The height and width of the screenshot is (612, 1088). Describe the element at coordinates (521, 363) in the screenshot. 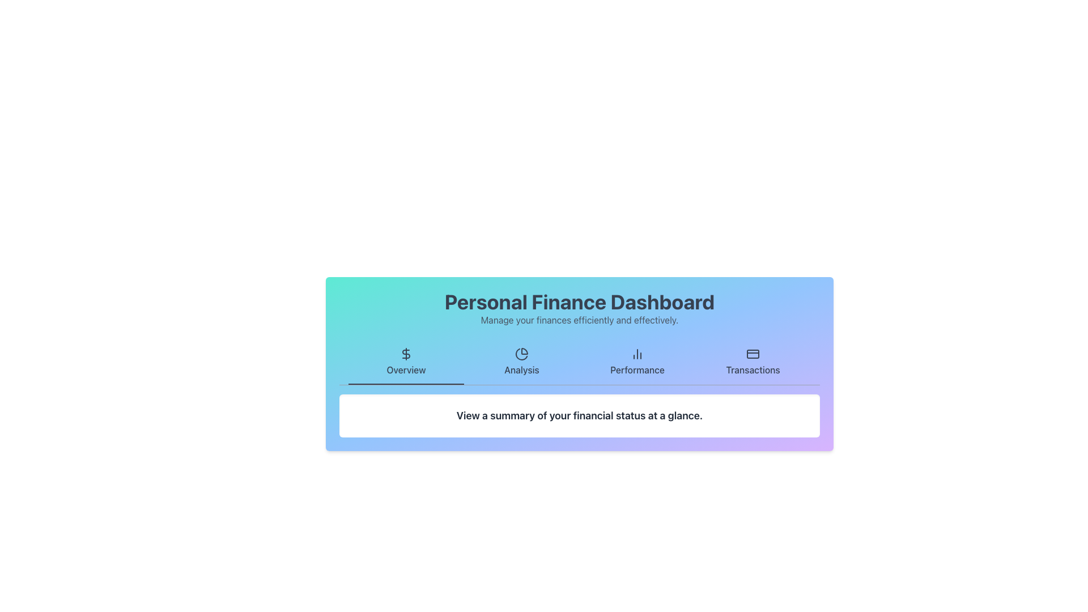

I see `the 'Analysis' button in the navigation bar, which features a pie chart icon and highlights with a blue text color and gray bottom border when hovered` at that location.